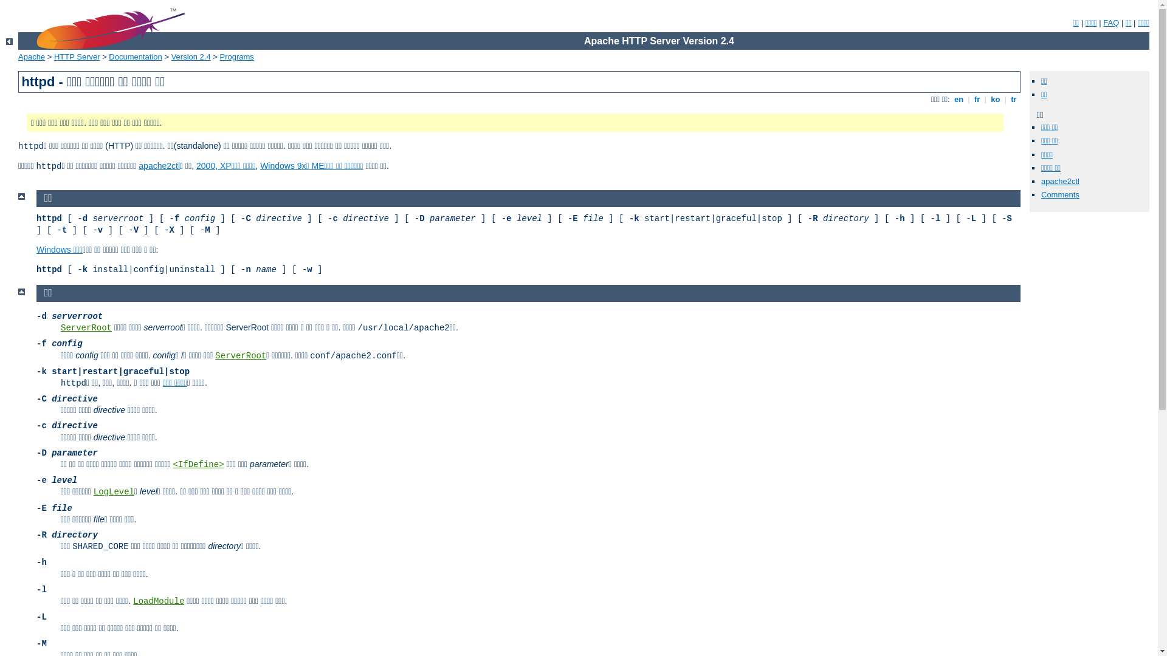  What do you see at coordinates (215, 355) in the screenshot?
I see `'ServerRoot'` at bounding box center [215, 355].